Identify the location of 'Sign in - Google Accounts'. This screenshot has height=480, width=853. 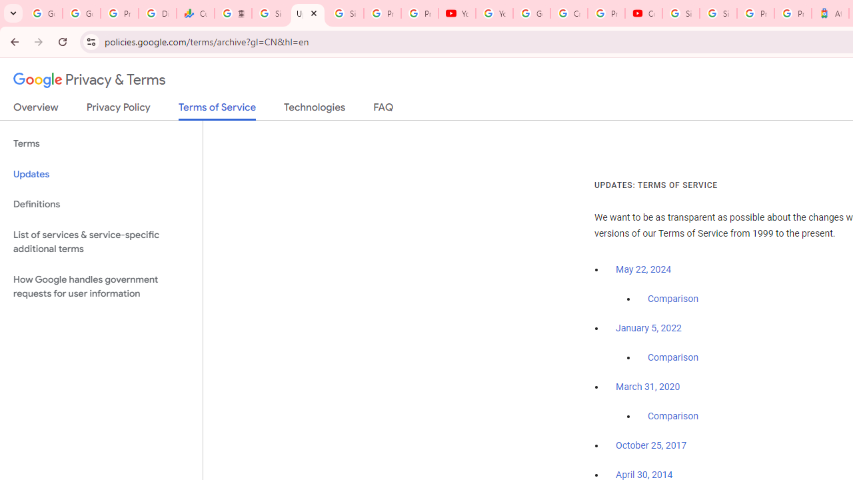
(269, 13).